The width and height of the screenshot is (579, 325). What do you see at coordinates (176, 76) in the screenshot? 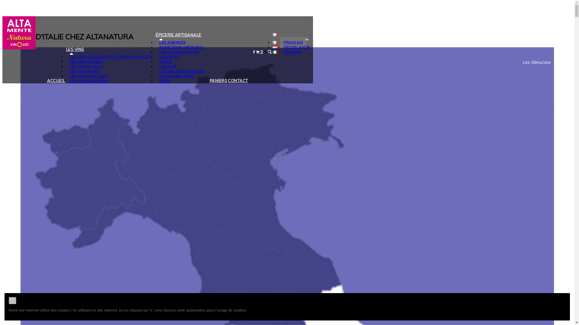
I see `'LES MARMELADES'` at bounding box center [176, 76].